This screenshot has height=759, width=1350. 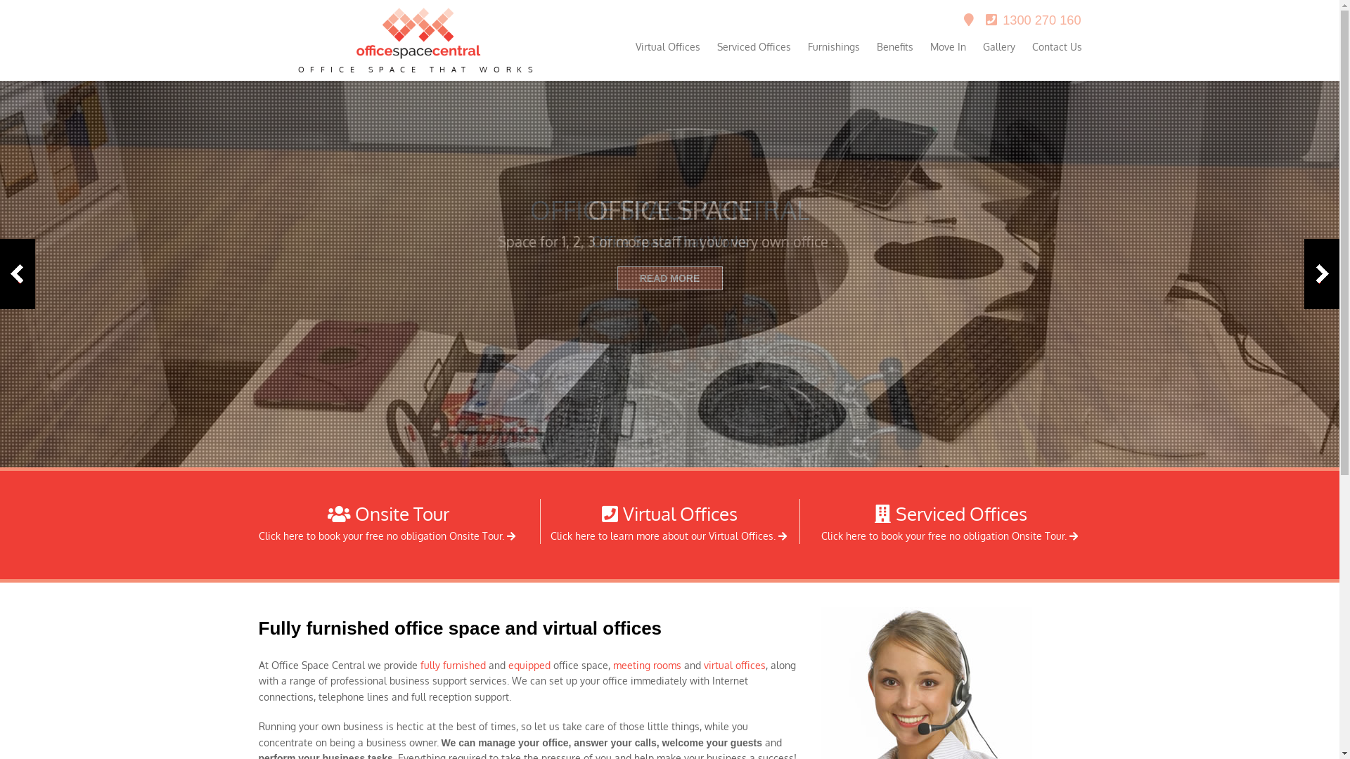 I want to click on 'Next', so click(x=1321, y=273).